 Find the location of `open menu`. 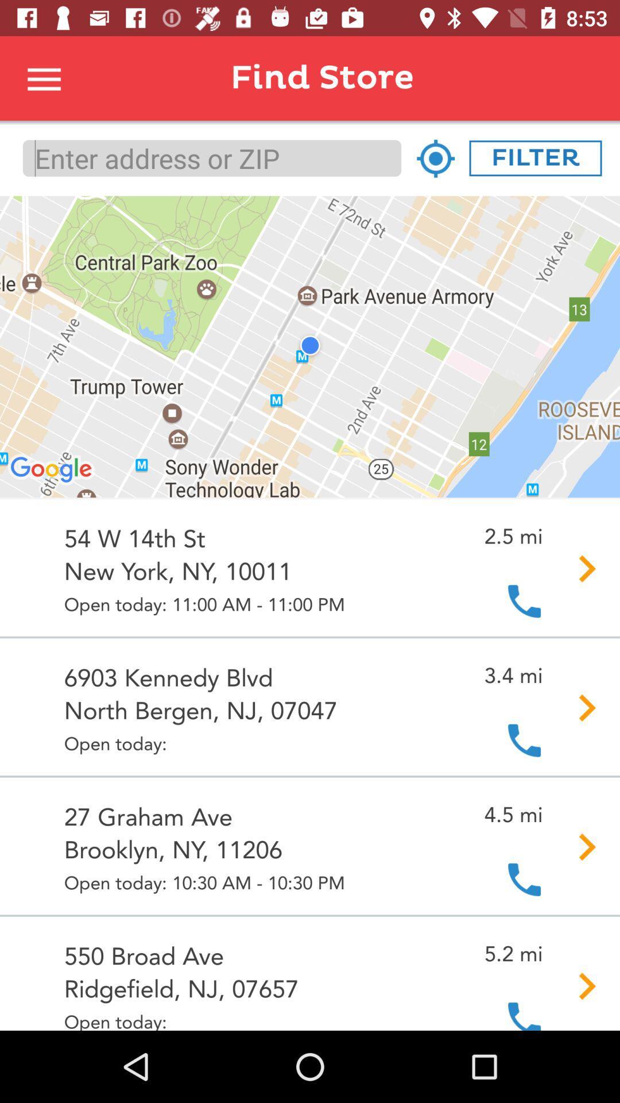

open menu is located at coordinates (44, 78).